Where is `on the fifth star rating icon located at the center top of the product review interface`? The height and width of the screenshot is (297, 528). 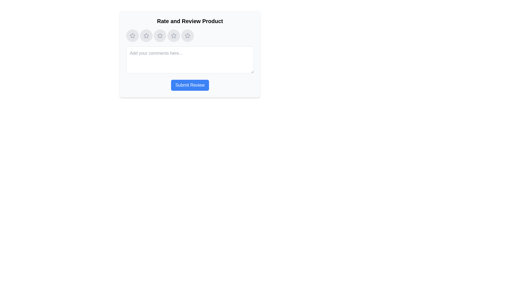
on the fifth star rating icon located at the center top of the product review interface is located at coordinates (187, 35).